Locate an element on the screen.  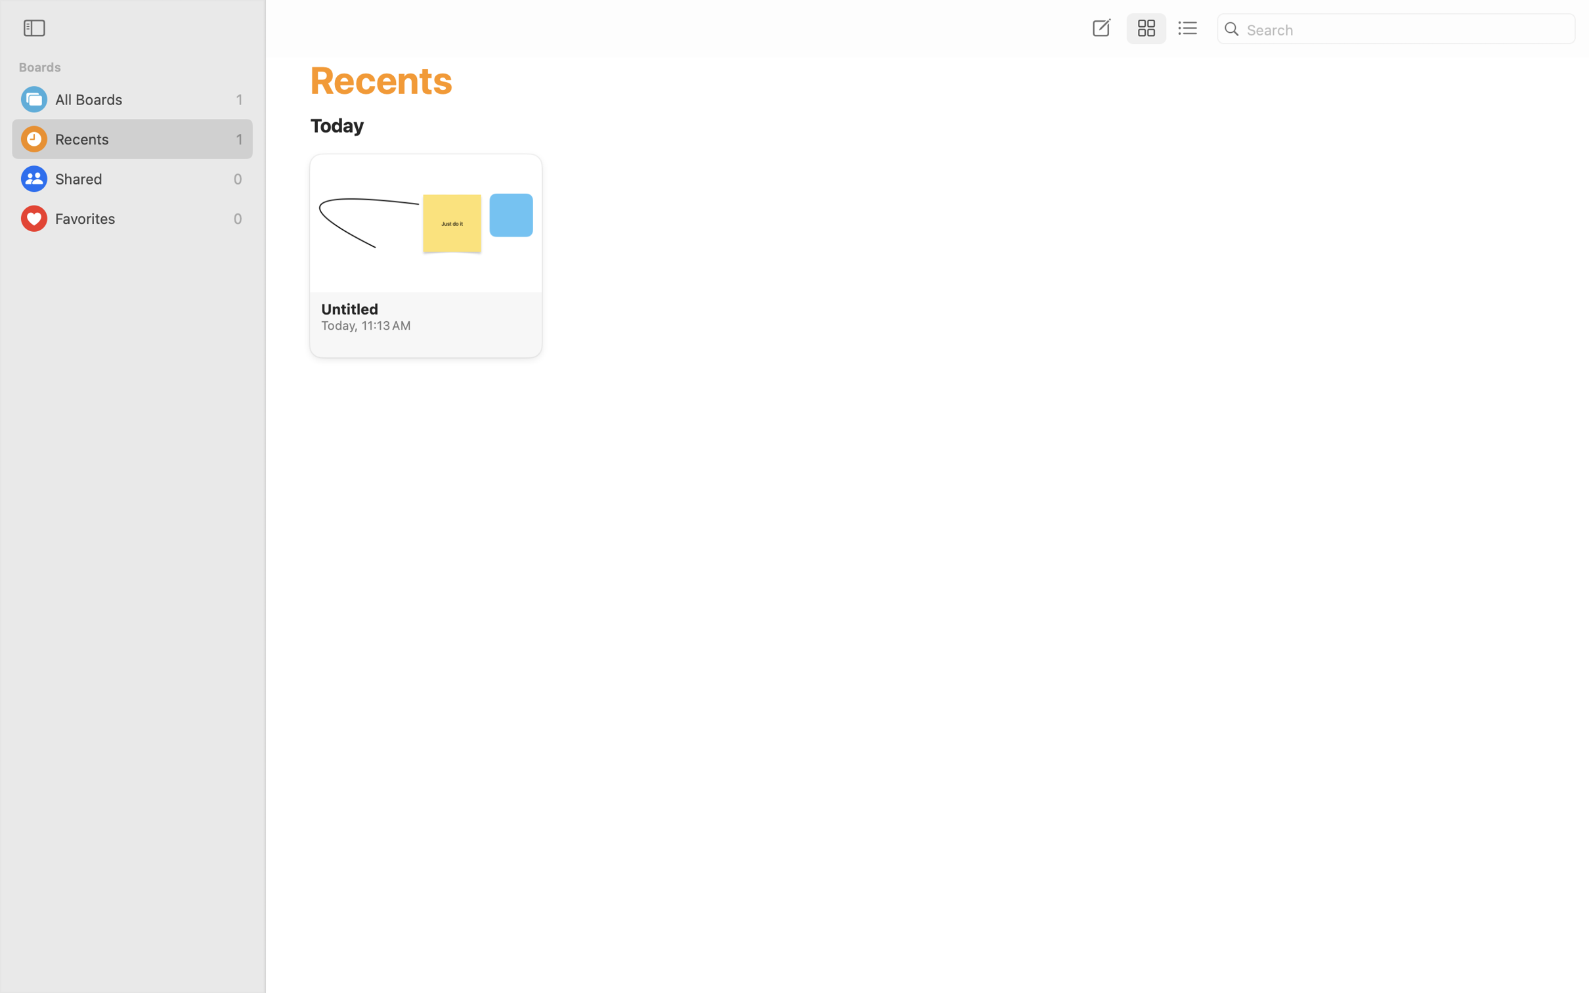
'All Boards' is located at coordinates (142, 99).